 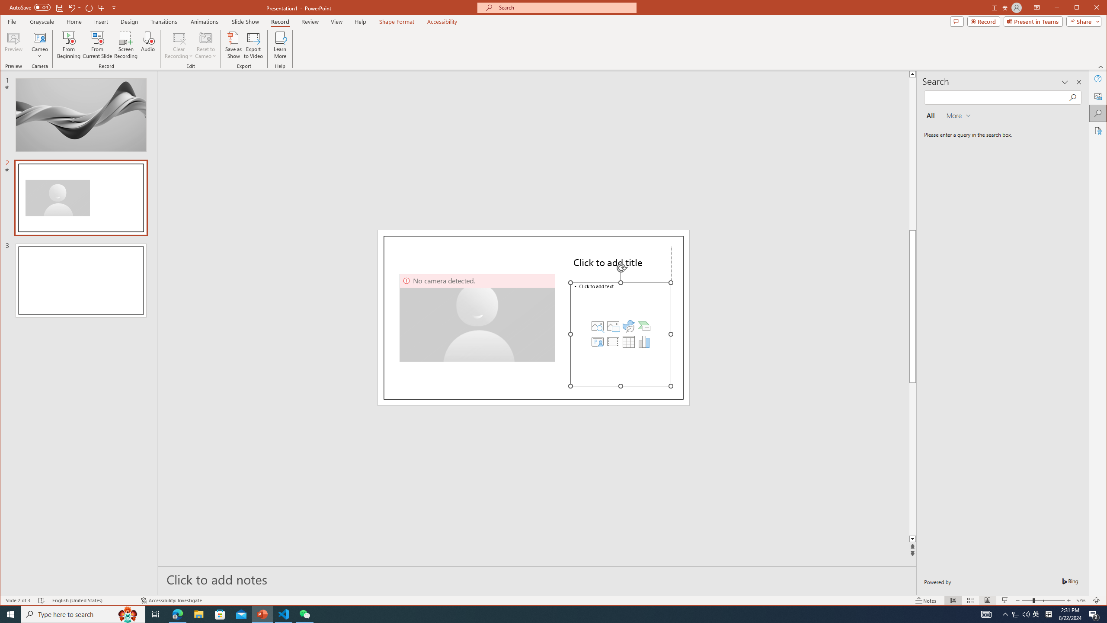 What do you see at coordinates (1005, 613) in the screenshot?
I see `'Notification Chevron'` at bounding box center [1005, 613].